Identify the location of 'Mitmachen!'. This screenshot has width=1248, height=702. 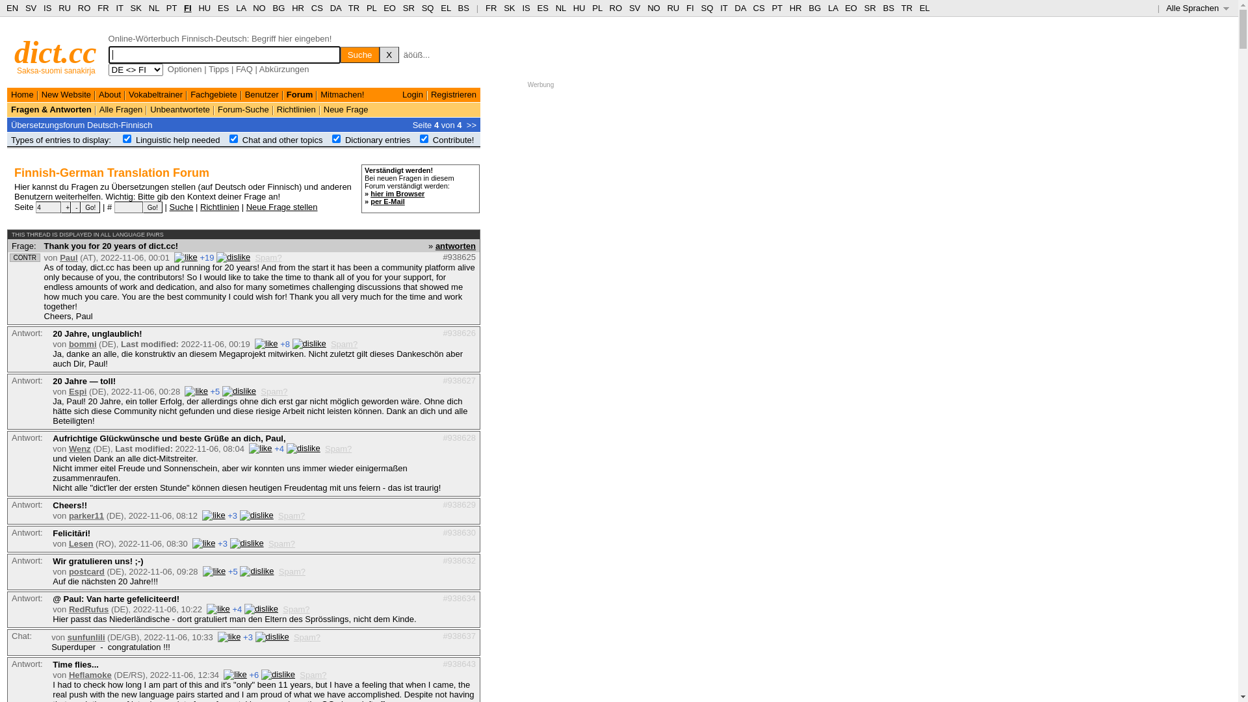
(320, 94).